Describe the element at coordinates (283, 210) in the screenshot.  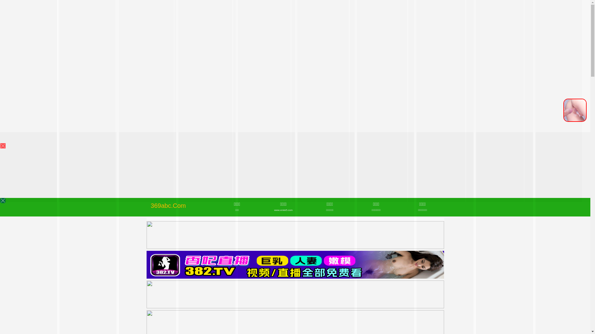
I see `'www.xmkk5.com'` at that location.